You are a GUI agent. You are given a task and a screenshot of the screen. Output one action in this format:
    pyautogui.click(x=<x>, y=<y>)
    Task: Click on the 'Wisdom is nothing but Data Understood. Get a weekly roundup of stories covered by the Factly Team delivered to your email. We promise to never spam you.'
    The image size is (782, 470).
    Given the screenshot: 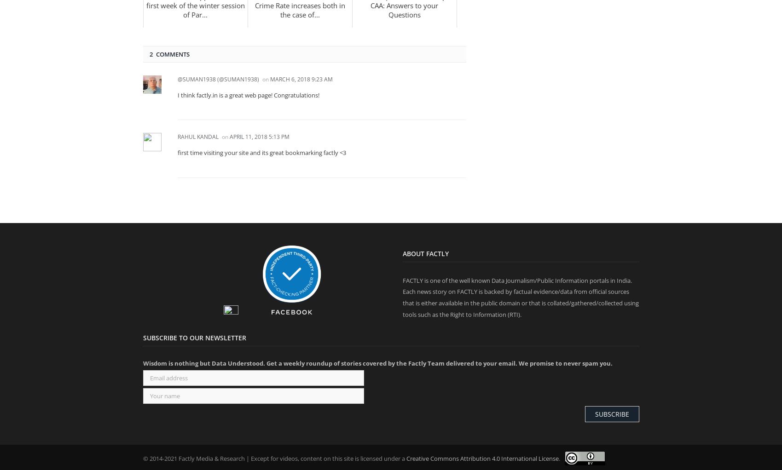 What is the action you would take?
    pyautogui.click(x=142, y=363)
    